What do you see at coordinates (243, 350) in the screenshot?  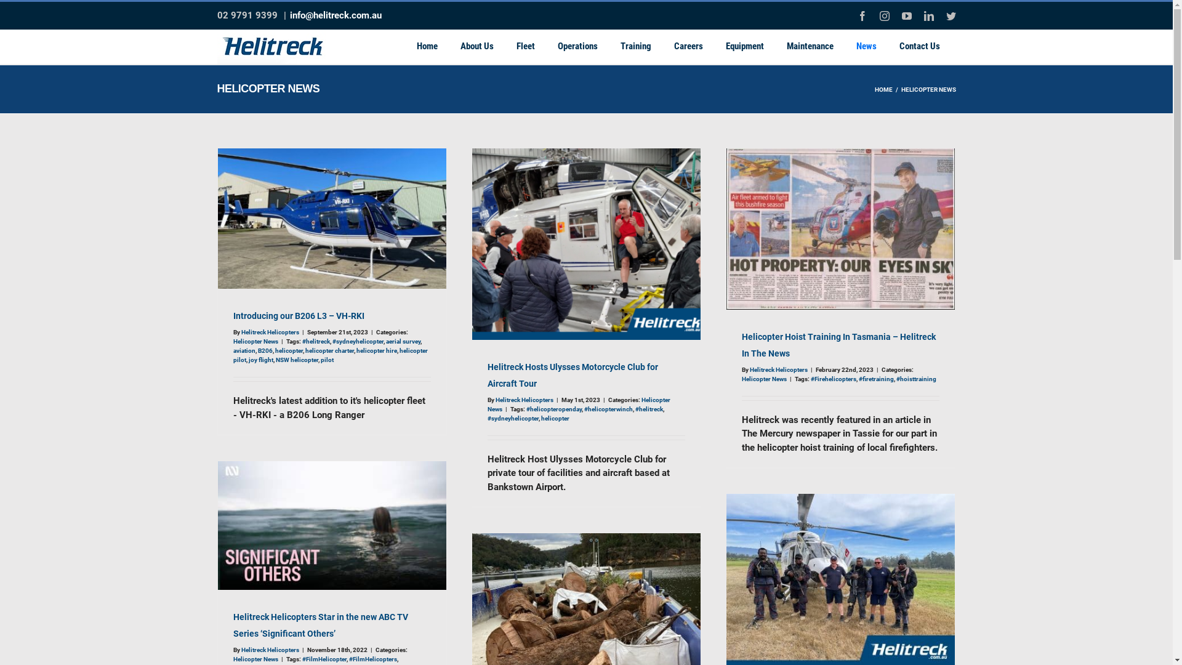 I see `'aviation'` at bounding box center [243, 350].